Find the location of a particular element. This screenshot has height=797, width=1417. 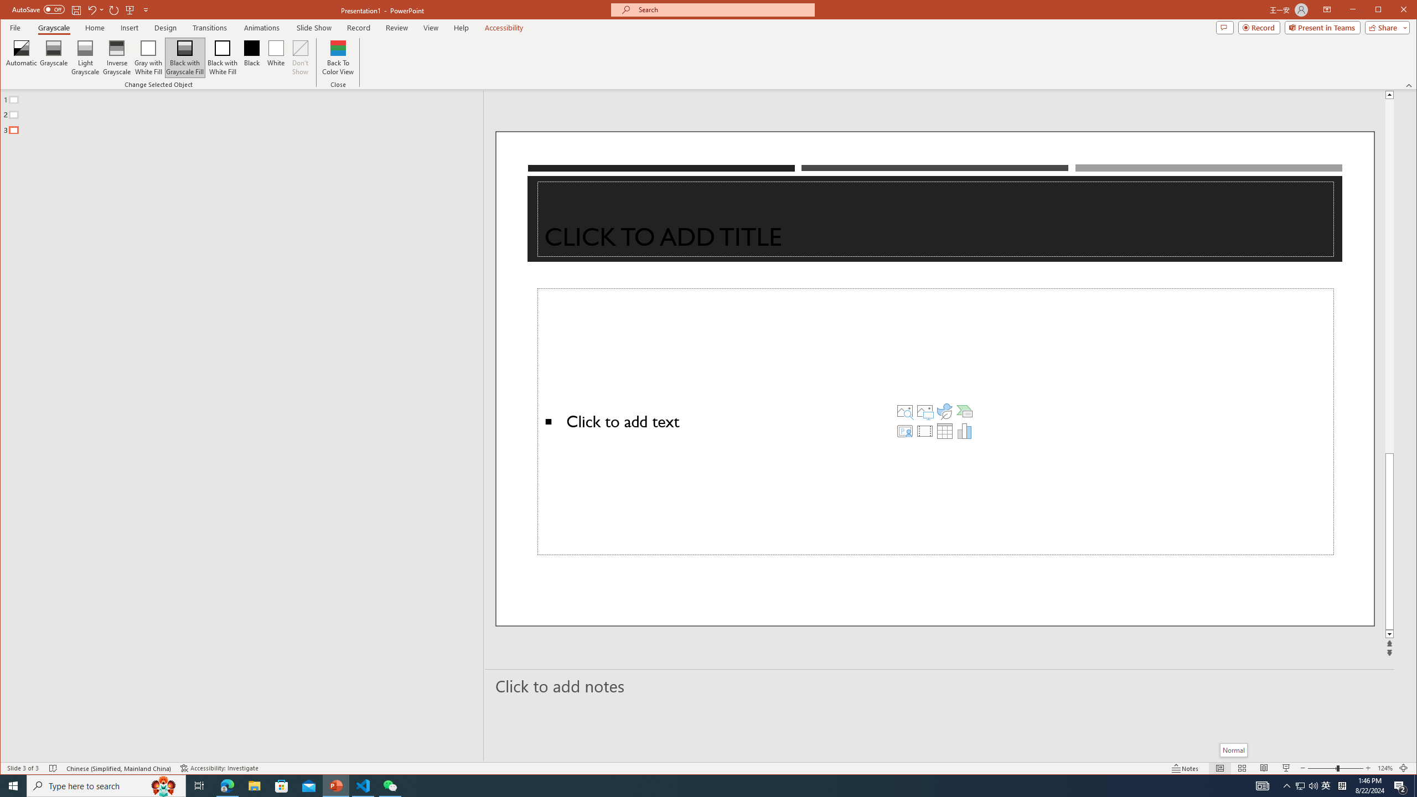

'Insert Table' is located at coordinates (945, 431).